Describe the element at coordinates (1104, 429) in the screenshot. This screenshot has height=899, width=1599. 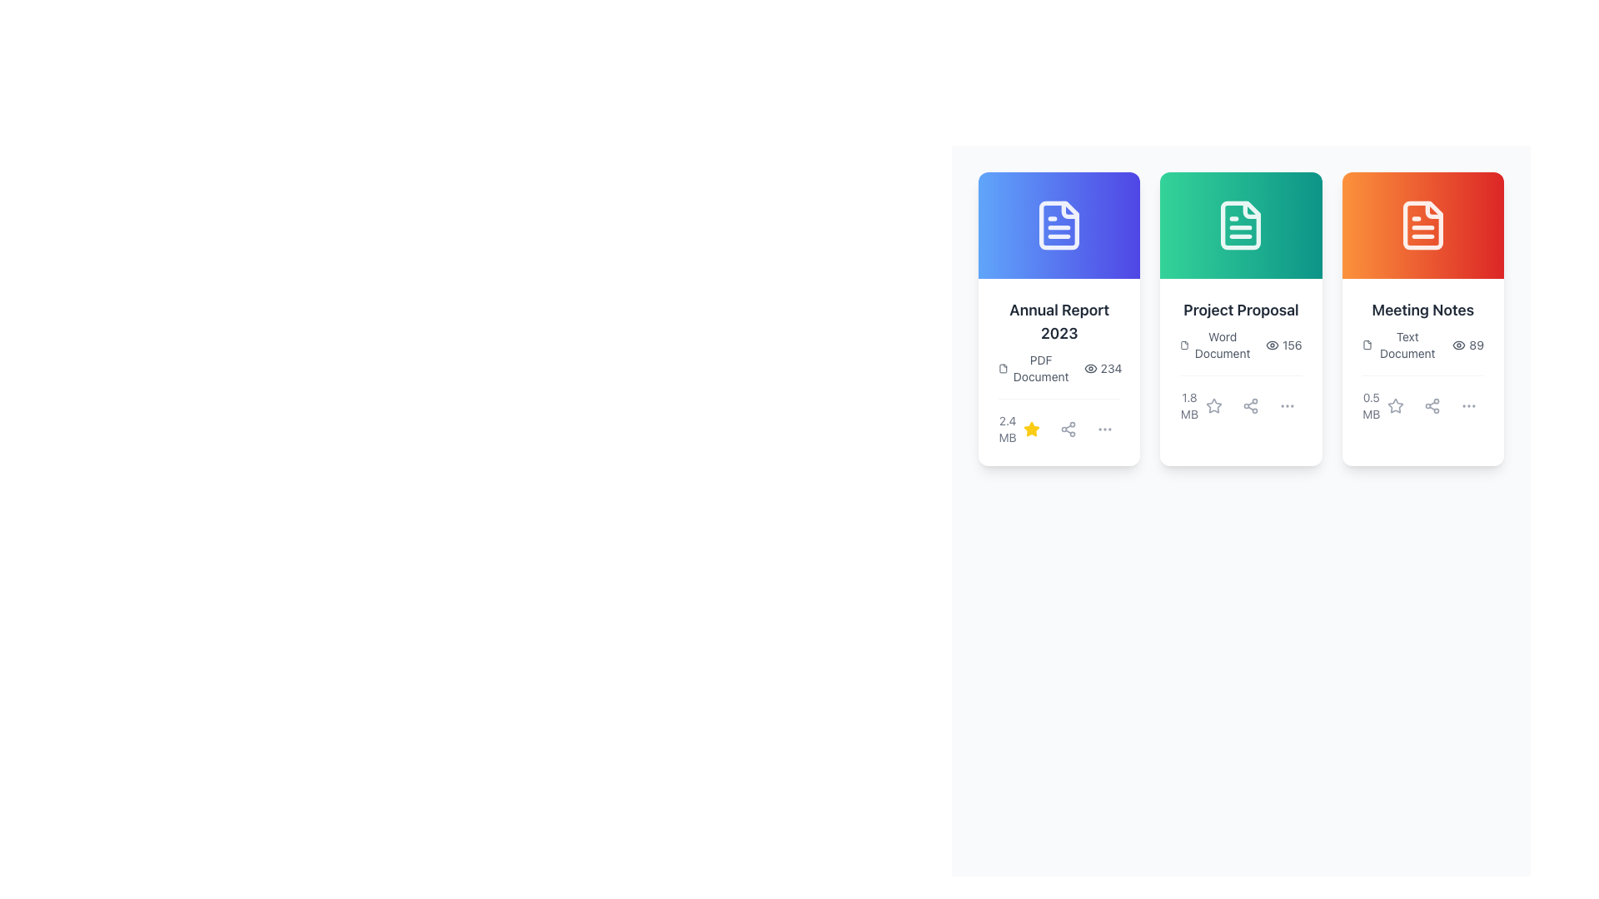
I see `the icon in the bottom toolbar of the 'Annual Report 2023' document` at that location.